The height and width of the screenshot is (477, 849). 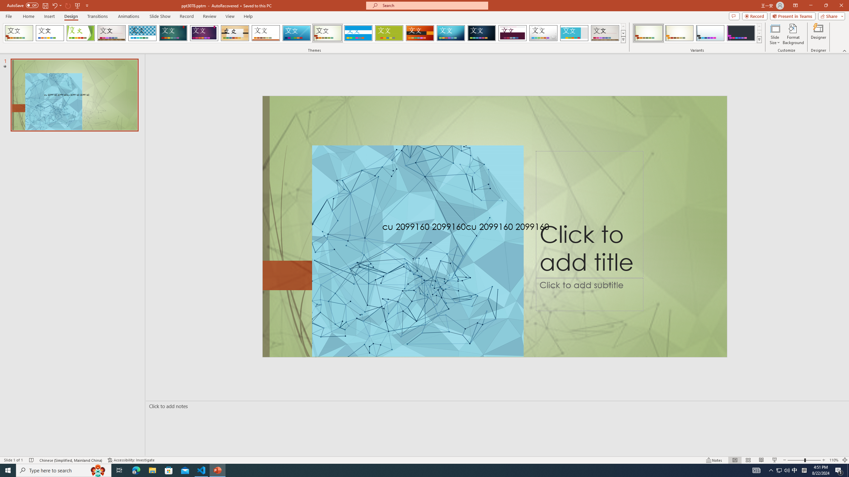 What do you see at coordinates (775, 34) in the screenshot?
I see `'Slide Size'` at bounding box center [775, 34].